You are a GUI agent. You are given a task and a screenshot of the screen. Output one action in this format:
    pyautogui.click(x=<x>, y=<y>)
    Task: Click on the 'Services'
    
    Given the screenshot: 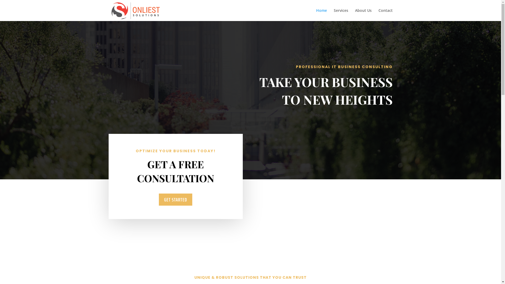 What is the action you would take?
    pyautogui.click(x=333, y=14)
    